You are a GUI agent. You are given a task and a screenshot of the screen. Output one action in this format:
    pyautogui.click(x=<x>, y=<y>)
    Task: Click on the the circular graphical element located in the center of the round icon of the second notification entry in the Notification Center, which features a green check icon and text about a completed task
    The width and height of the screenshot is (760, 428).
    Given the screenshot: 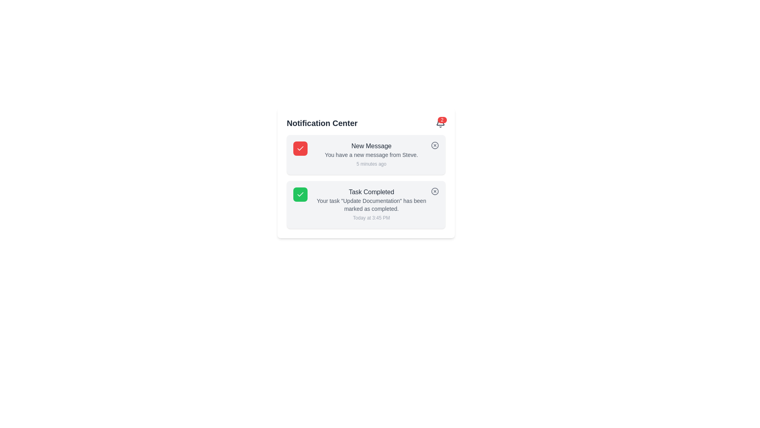 What is the action you would take?
    pyautogui.click(x=434, y=191)
    